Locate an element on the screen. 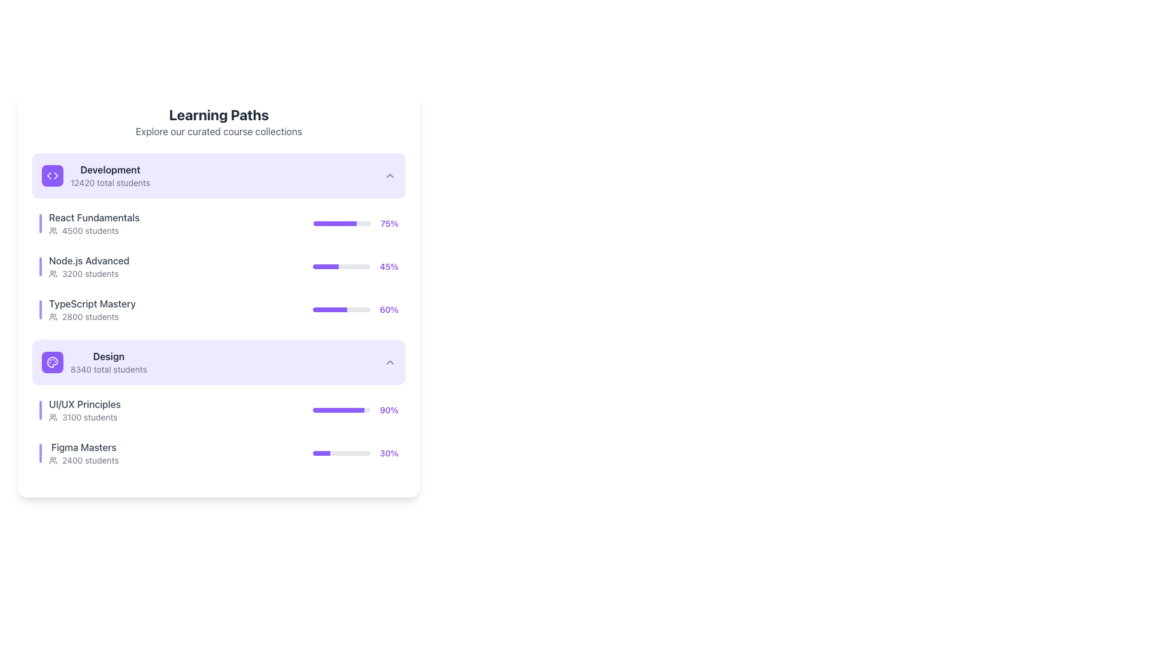 The height and width of the screenshot is (646, 1149). the hyperlink labeled 'TypeScript Mastery' is located at coordinates (92, 303).